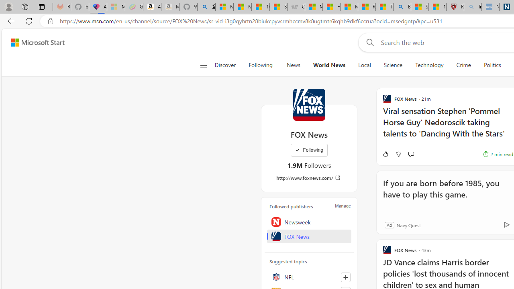 This screenshot has height=289, width=514. What do you see at coordinates (331, 7) in the screenshot?
I see `'How I Got Rid of Microsoft Edge'` at bounding box center [331, 7].